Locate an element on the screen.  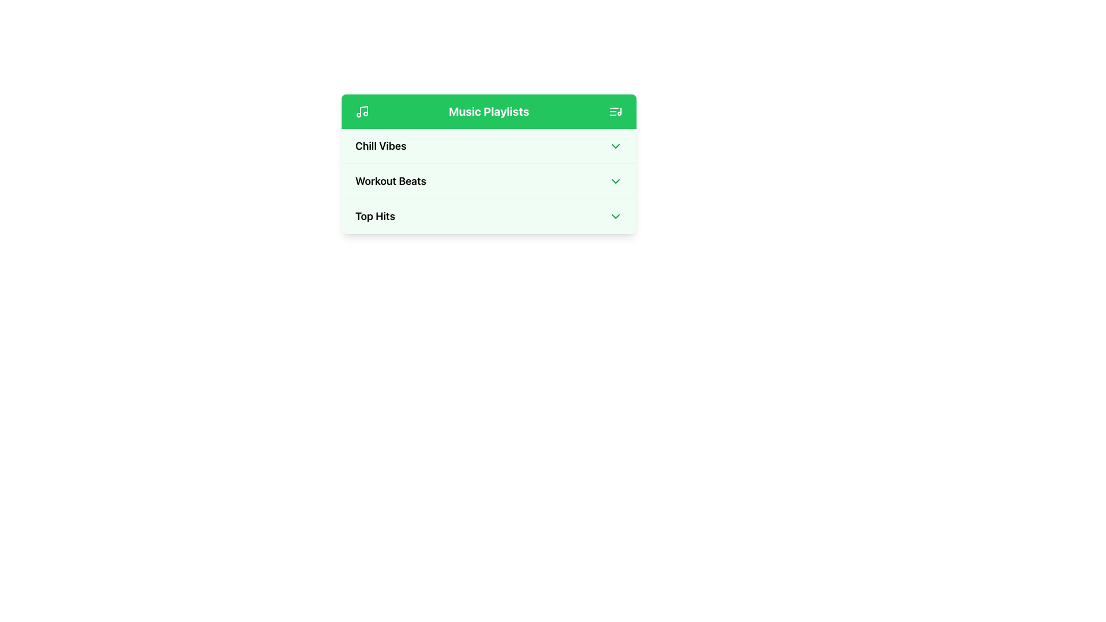
the 'Workout Beats' text label, which is the second entry in a list under 'Music Playlists', located directly below 'Chill Vibes' and above 'Top Hits' is located at coordinates (391, 181).